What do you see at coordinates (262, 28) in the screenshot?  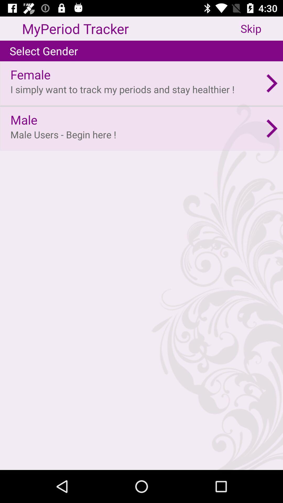 I see `the skip` at bounding box center [262, 28].